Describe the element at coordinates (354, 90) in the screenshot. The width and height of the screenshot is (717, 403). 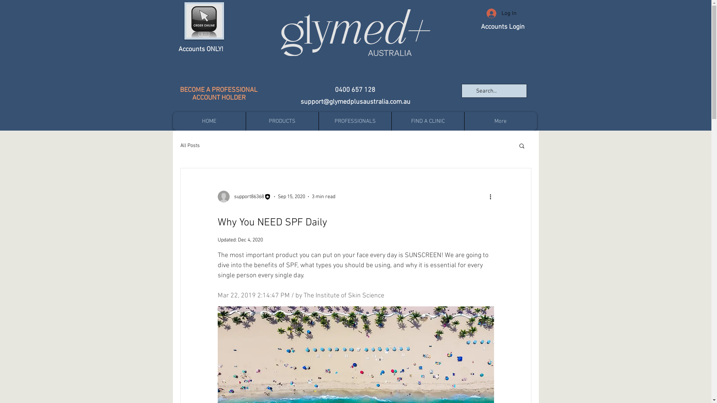
I see `'0400 657 128'` at that location.